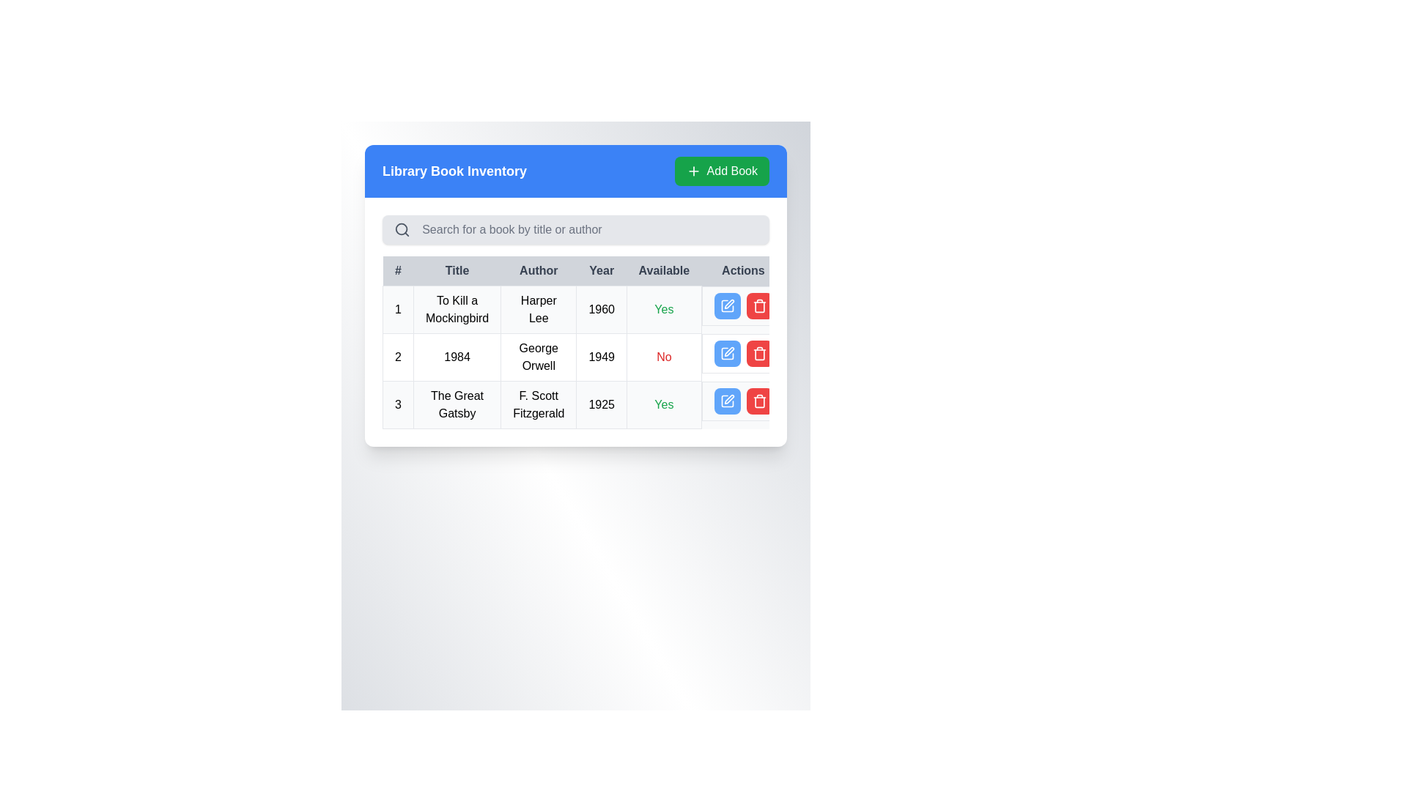  I want to click on the second graphical icon resembling a pen's tip in the 'Actions' column of the second row in the table, so click(727, 353).